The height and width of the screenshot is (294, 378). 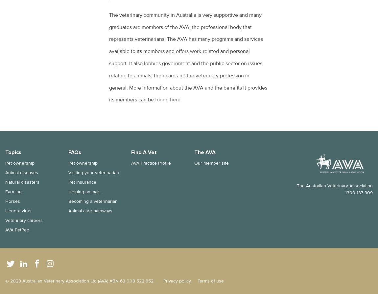 I want to click on 'Animal diseases', so click(x=21, y=172).